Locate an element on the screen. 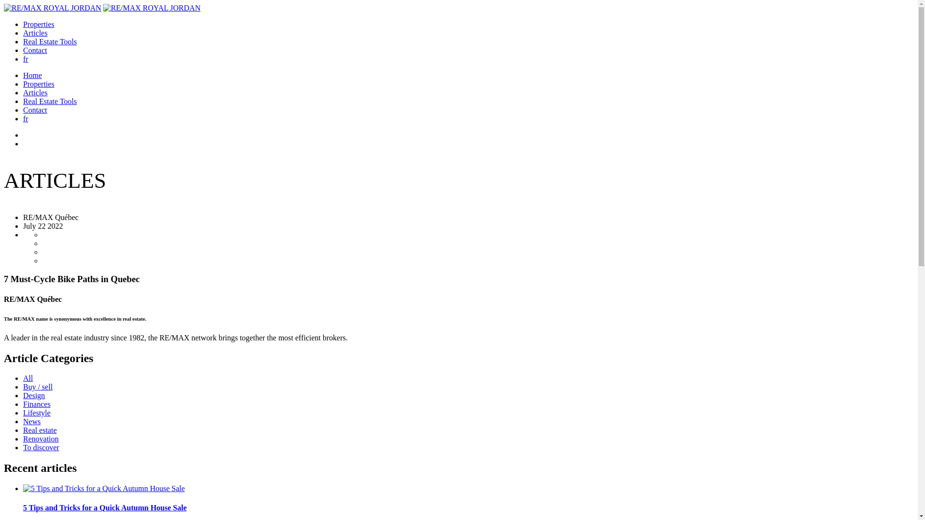 The width and height of the screenshot is (925, 520). 'Contact' is located at coordinates (35, 50).